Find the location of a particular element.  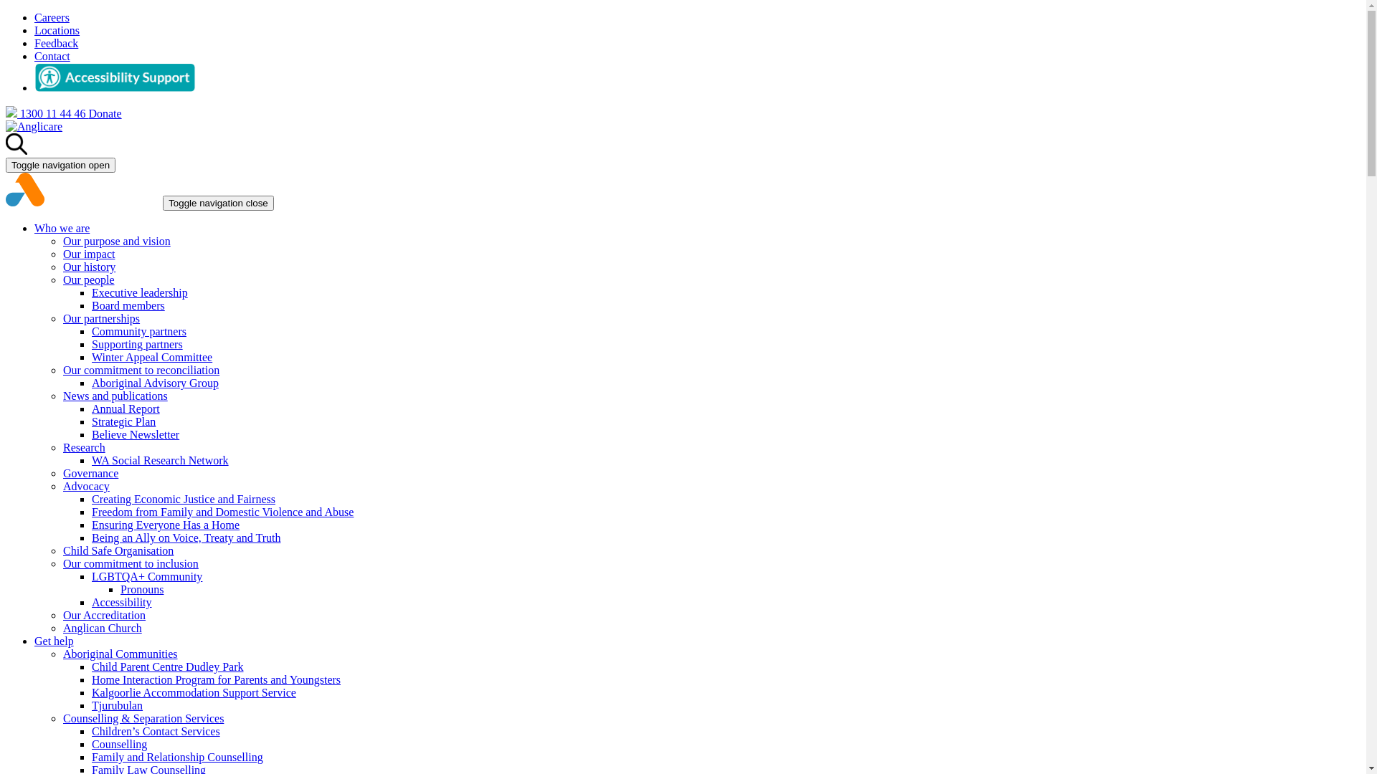

'Our impact' is located at coordinates (88, 253).